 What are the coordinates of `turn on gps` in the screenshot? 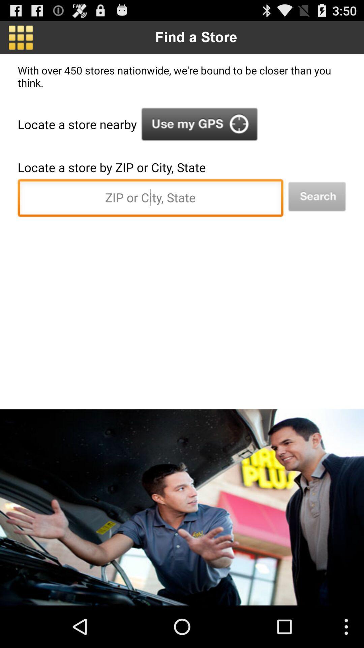 It's located at (199, 124).